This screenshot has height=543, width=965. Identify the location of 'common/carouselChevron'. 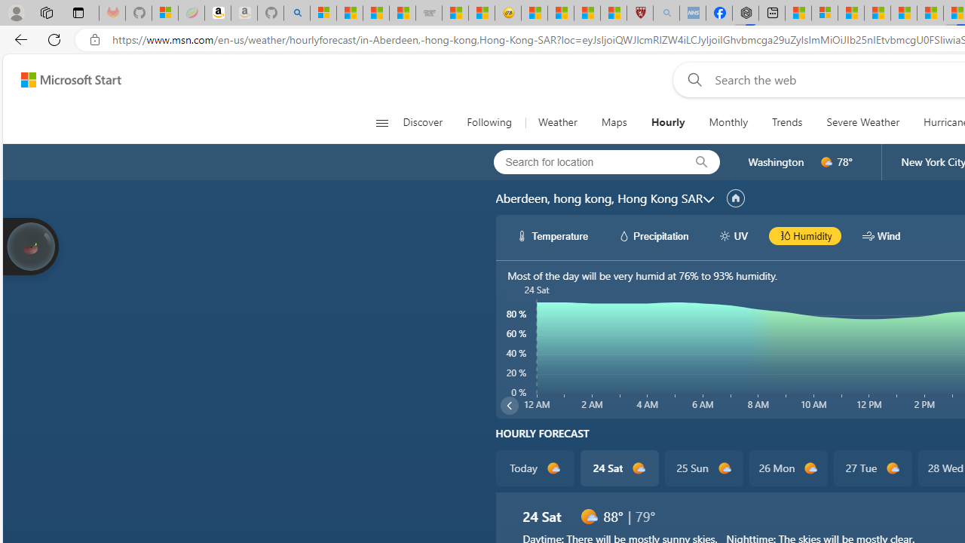
(509, 405).